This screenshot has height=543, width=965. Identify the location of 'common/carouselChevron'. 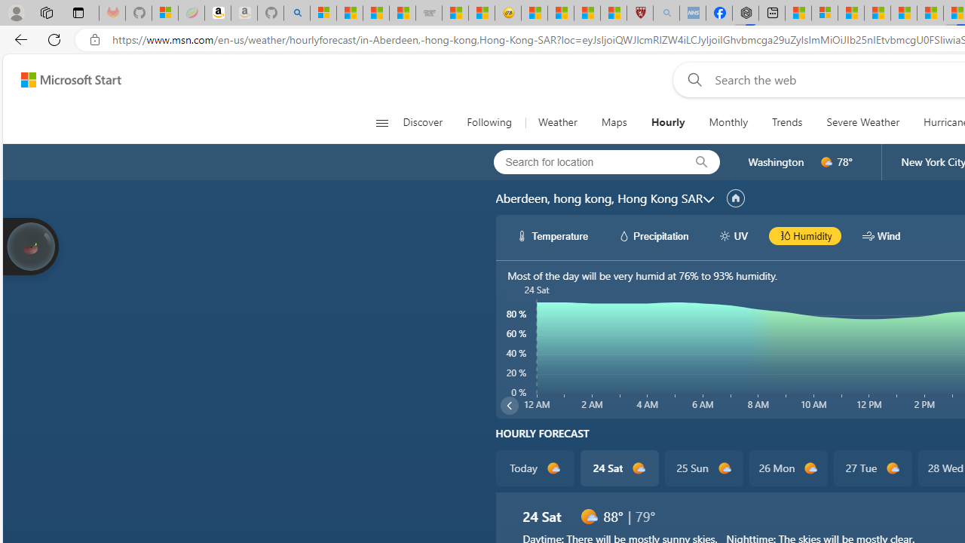
(509, 405).